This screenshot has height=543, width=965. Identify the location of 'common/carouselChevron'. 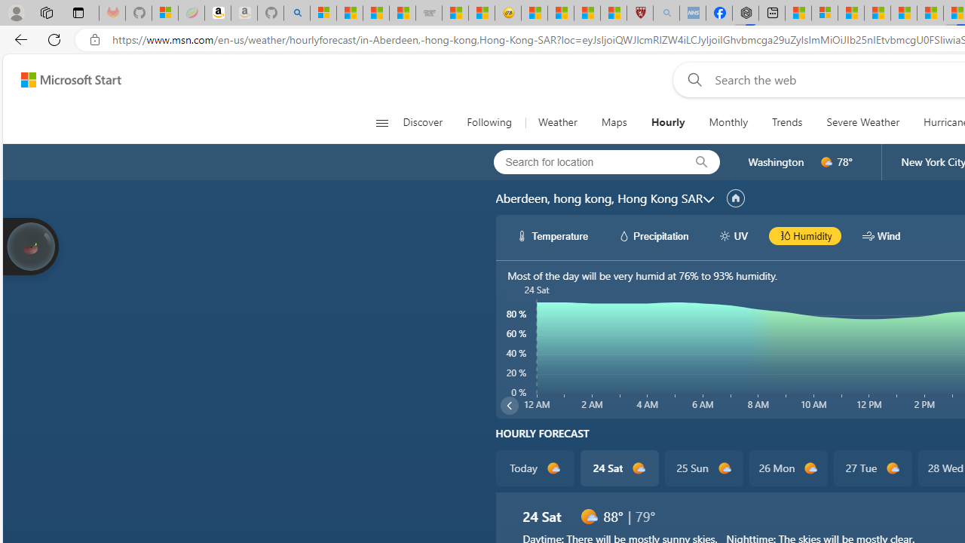
(509, 405).